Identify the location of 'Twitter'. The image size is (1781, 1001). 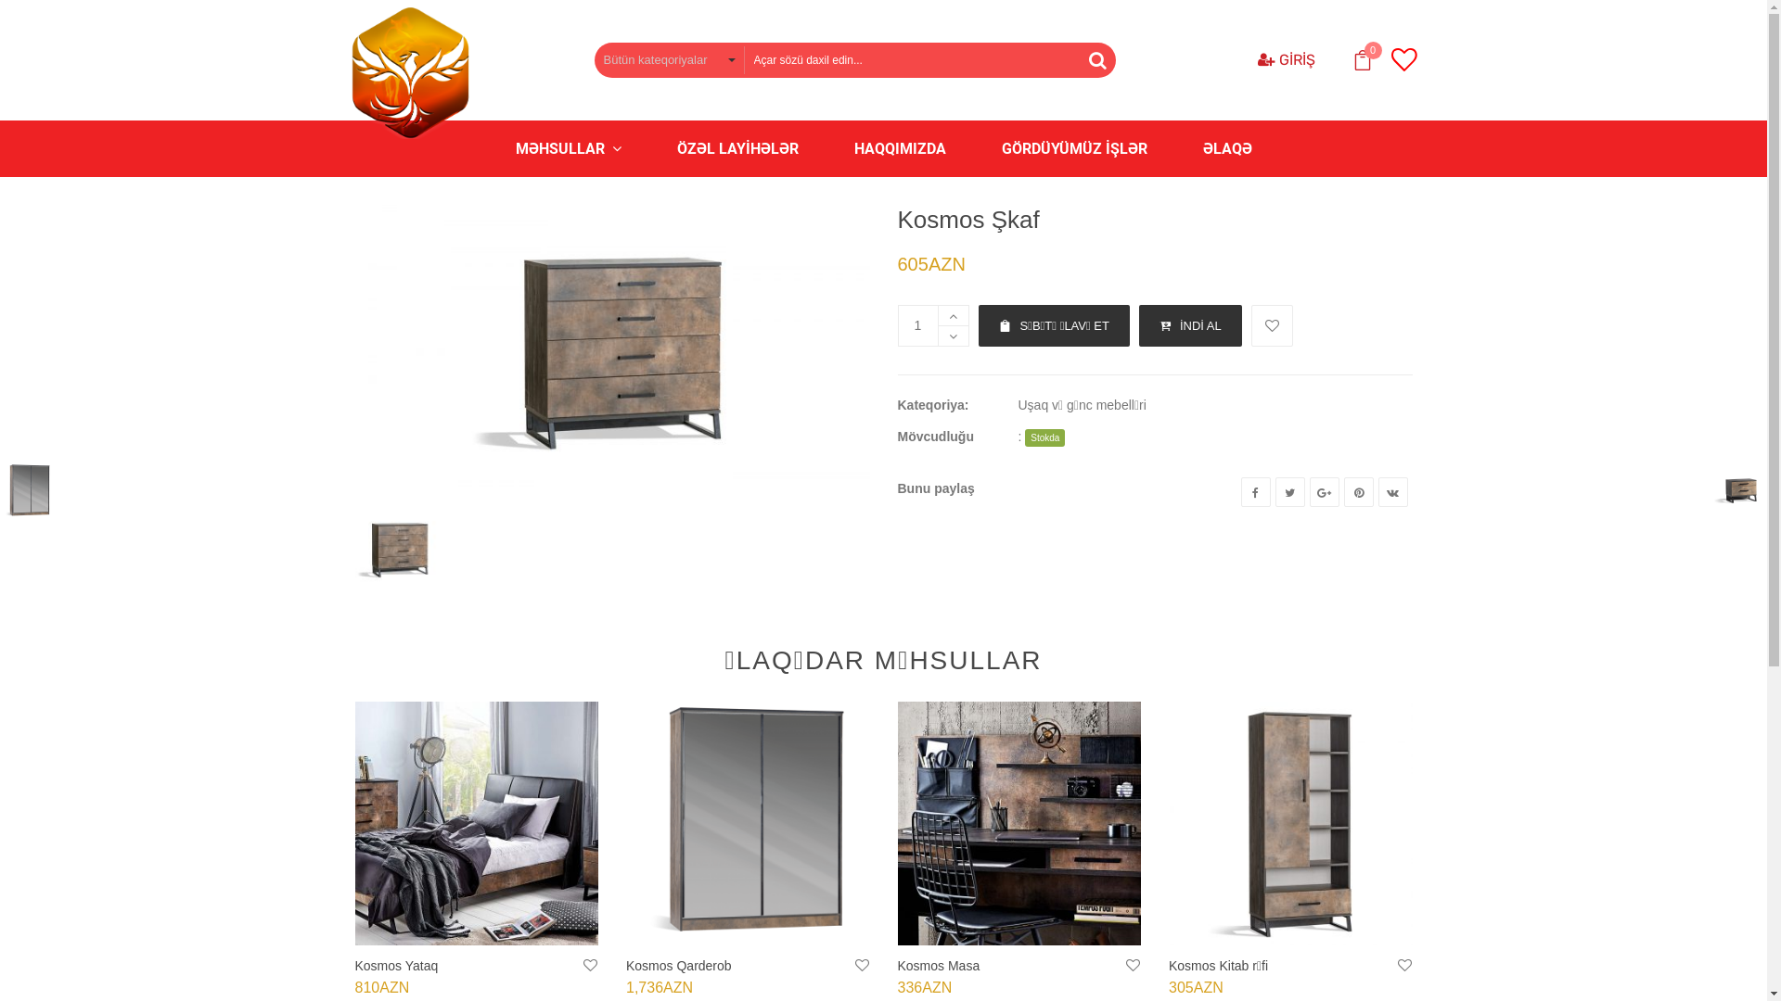
(1273, 491).